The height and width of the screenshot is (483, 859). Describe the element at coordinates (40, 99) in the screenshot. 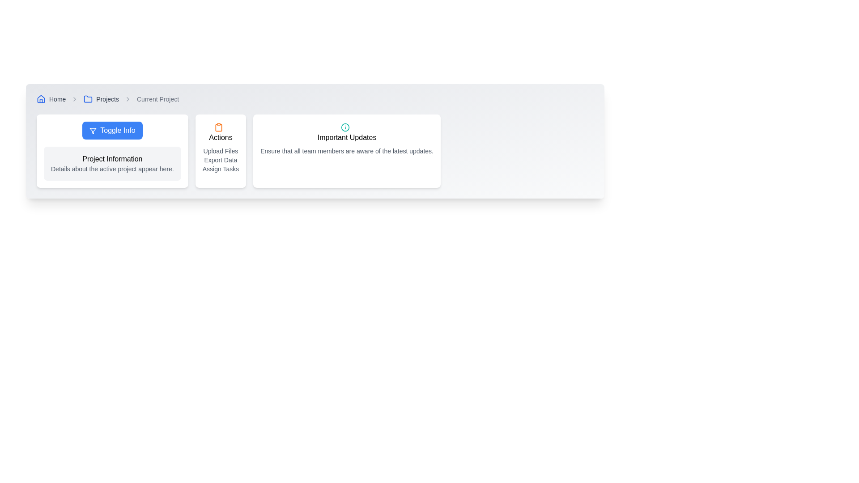

I see `the small blue house icon in the breadcrumb navigation bar, located next to the 'Home' link` at that location.